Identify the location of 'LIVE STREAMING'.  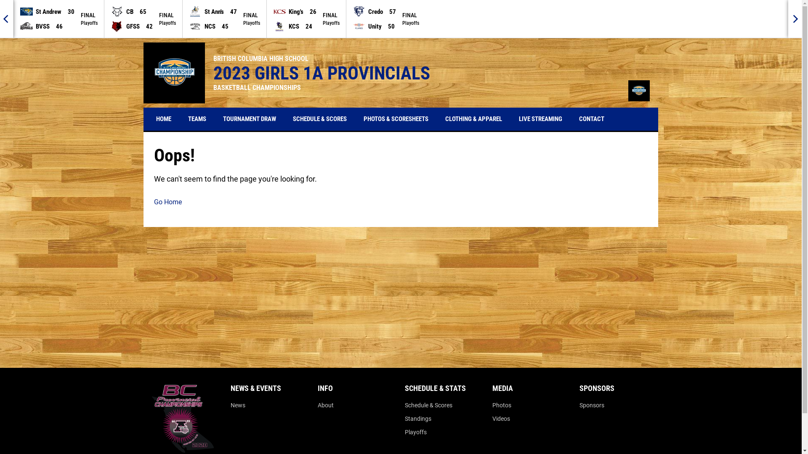
(540, 119).